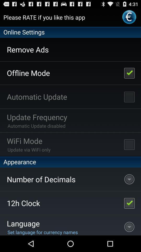 The image size is (141, 252). What do you see at coordinates (129, 203) in the screenshot?
I see `time as 12 or 24 digits` at bounding box center [129, 203].